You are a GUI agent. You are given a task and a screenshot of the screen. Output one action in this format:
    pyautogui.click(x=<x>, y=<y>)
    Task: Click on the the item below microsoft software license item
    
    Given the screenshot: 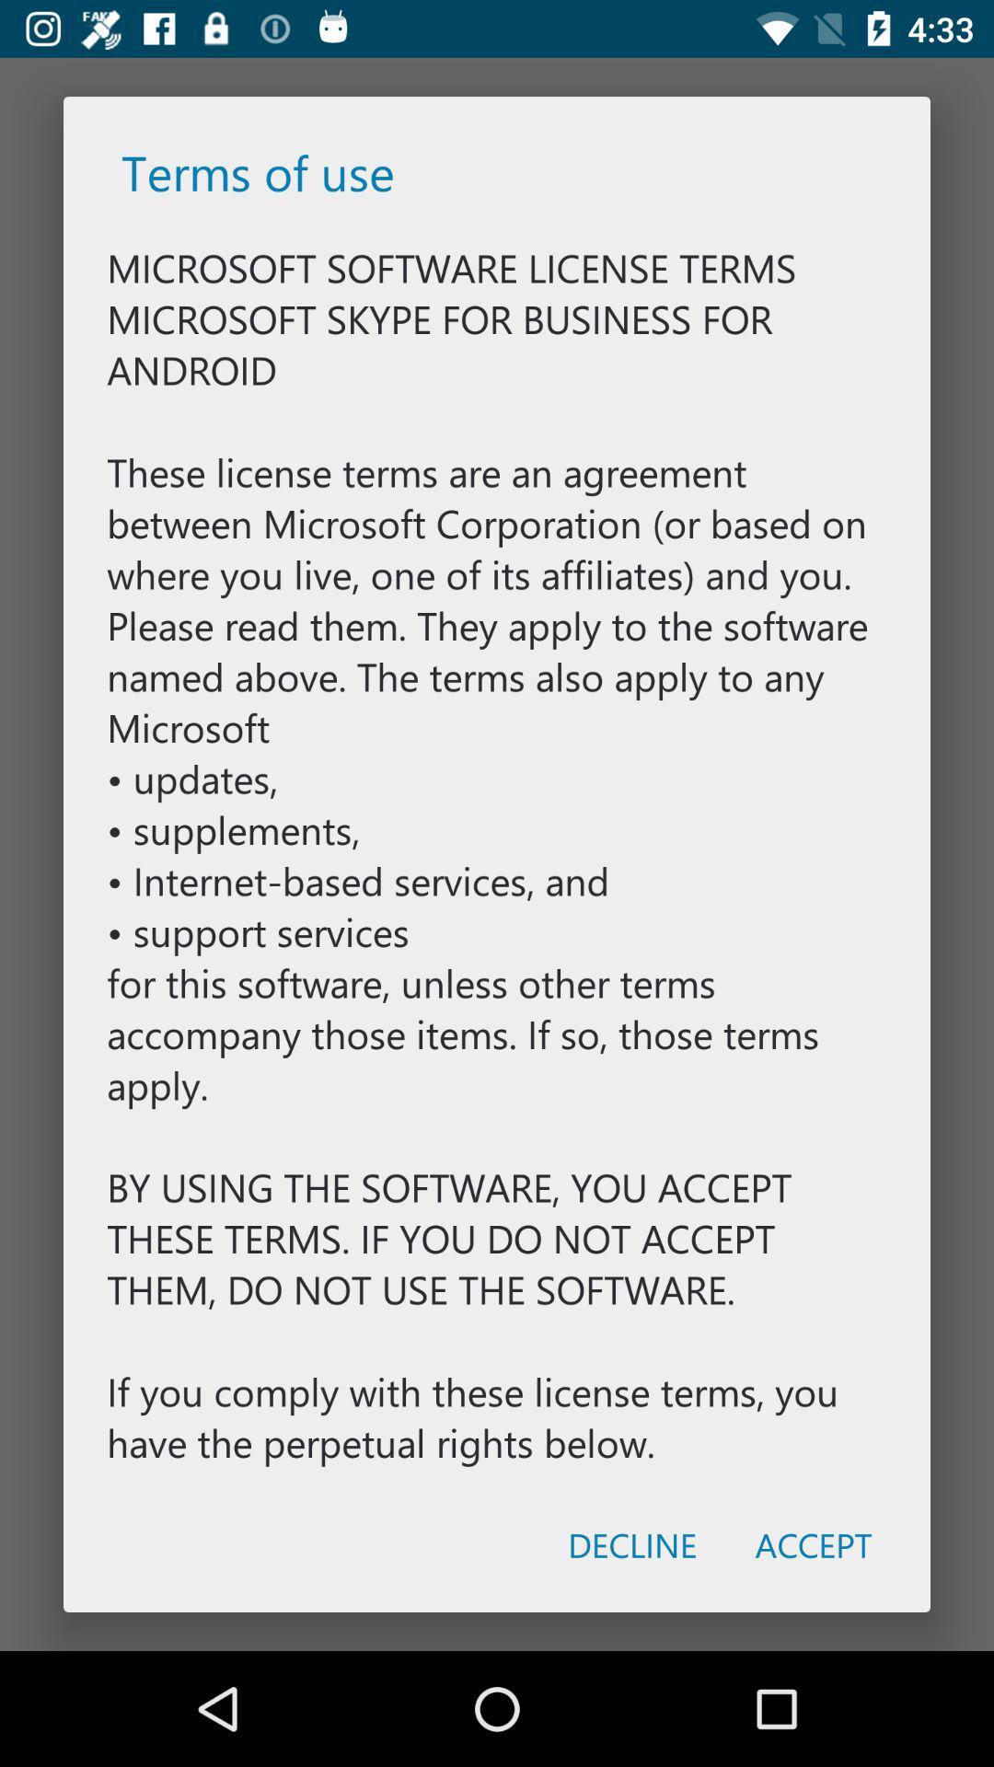 What is the action you would take?
    pyautogui.click(x=631, y=1544)
    